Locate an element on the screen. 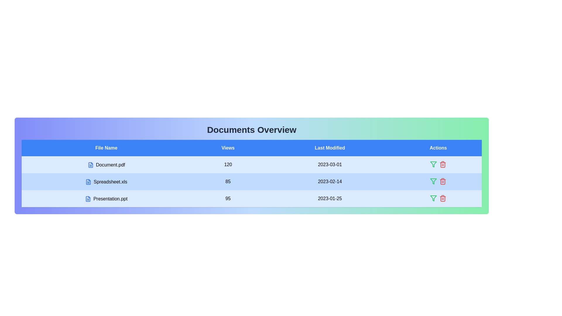 This screenshot has width=562, height=316. the action icon filter for the row corresponding to Document.pdf is located at coordinates (434, 164).